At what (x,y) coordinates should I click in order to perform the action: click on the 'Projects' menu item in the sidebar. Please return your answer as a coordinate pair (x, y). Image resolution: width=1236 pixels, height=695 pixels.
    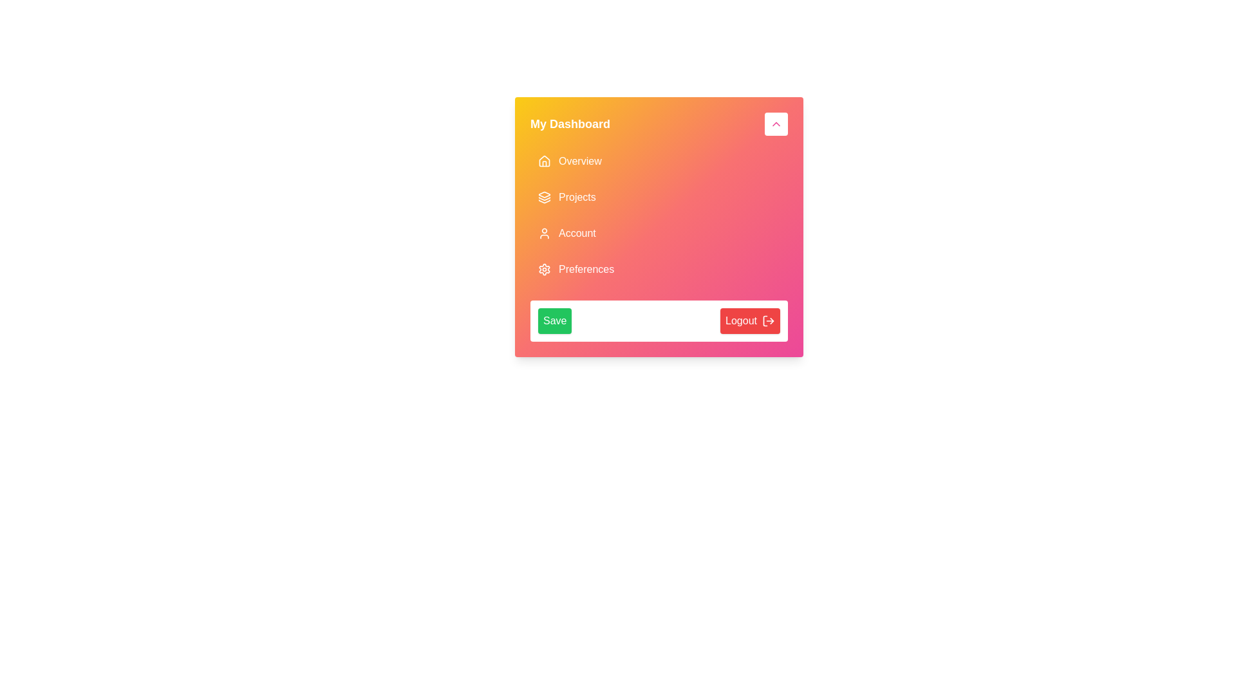
    Looking at the image, I should click on (659, 198).